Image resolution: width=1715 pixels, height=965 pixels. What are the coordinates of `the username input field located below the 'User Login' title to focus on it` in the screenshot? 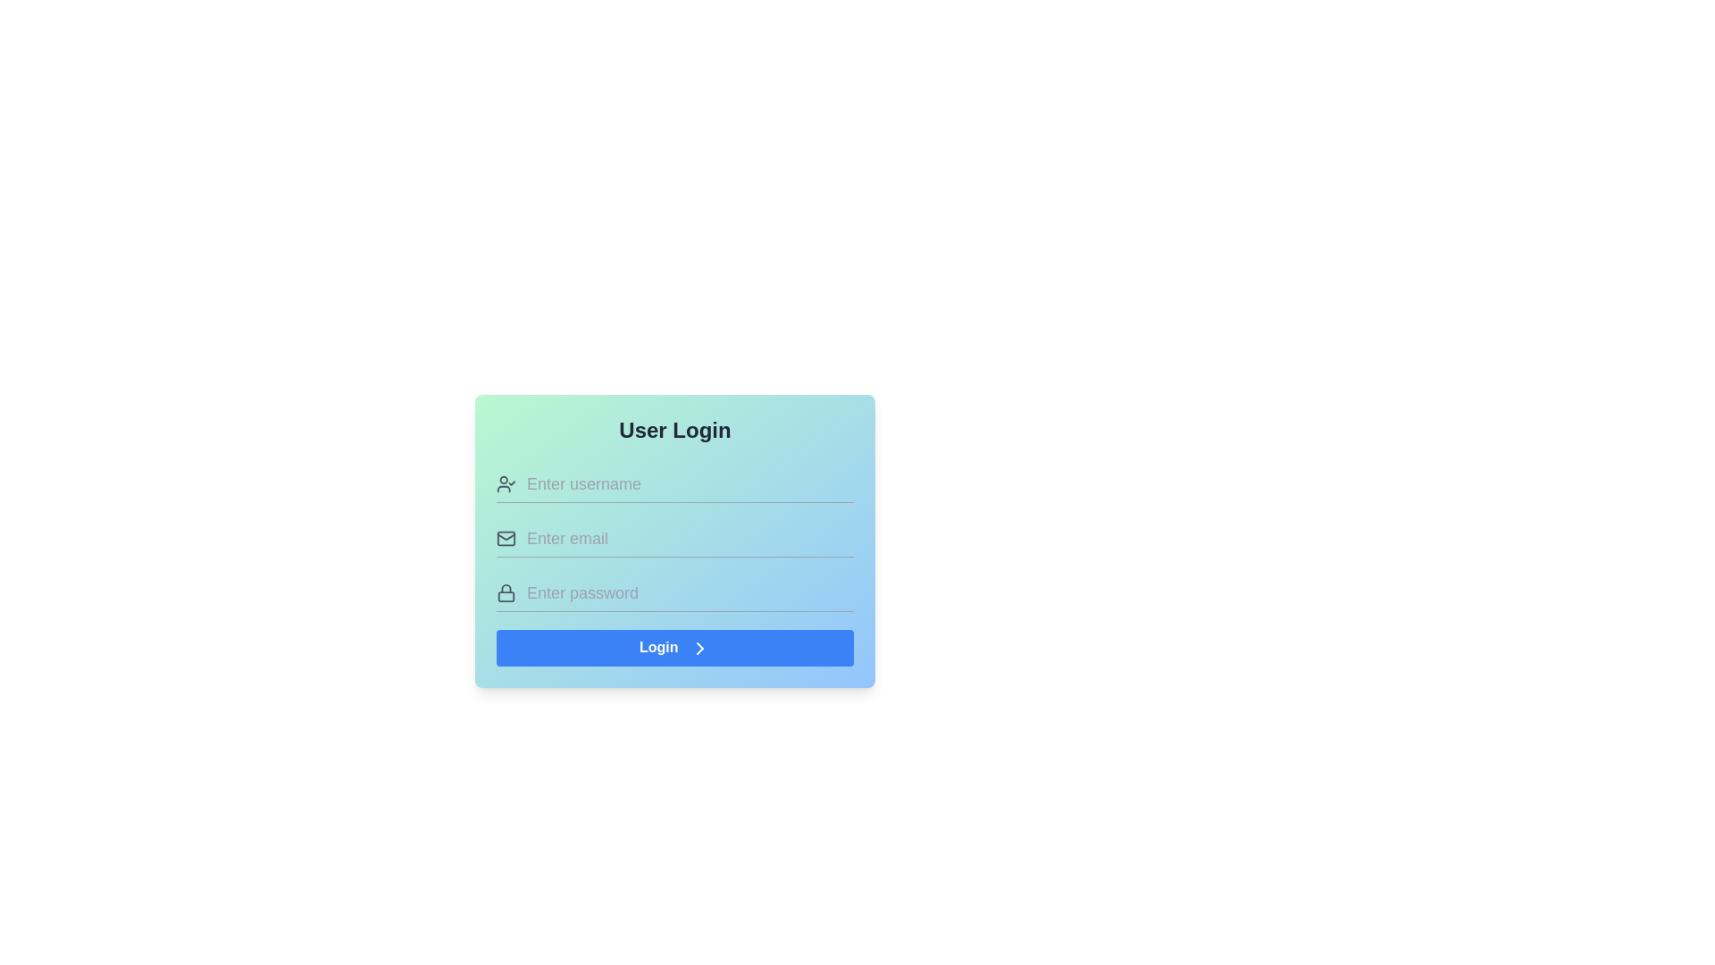 It's located at (673, 484).